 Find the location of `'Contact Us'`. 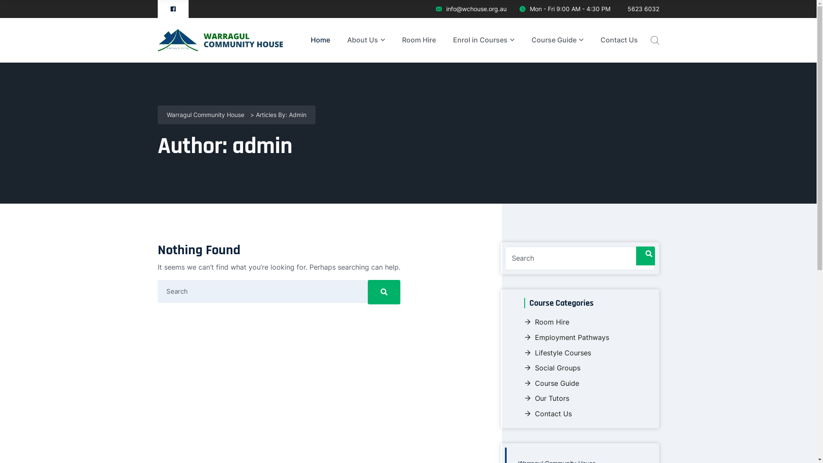

'Contact Us' is located at coordinates (600, 40).